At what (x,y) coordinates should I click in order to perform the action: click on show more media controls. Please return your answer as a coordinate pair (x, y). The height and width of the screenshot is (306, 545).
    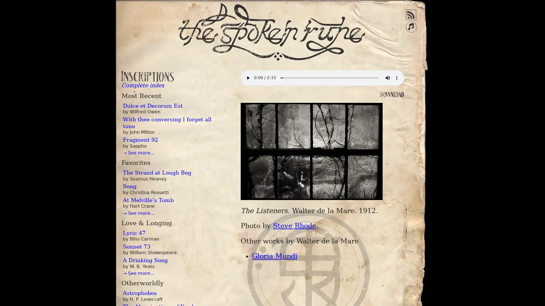
    Looking at the image, I should click on (396, 78).